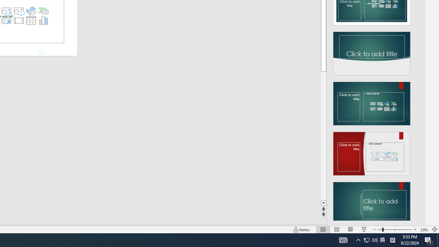 This screenshot has width=439, height=247. What do you see at coordinates (424, 230) in the screenshot?
I see `'Zoom 33%'` at bounding box center [424, 230].